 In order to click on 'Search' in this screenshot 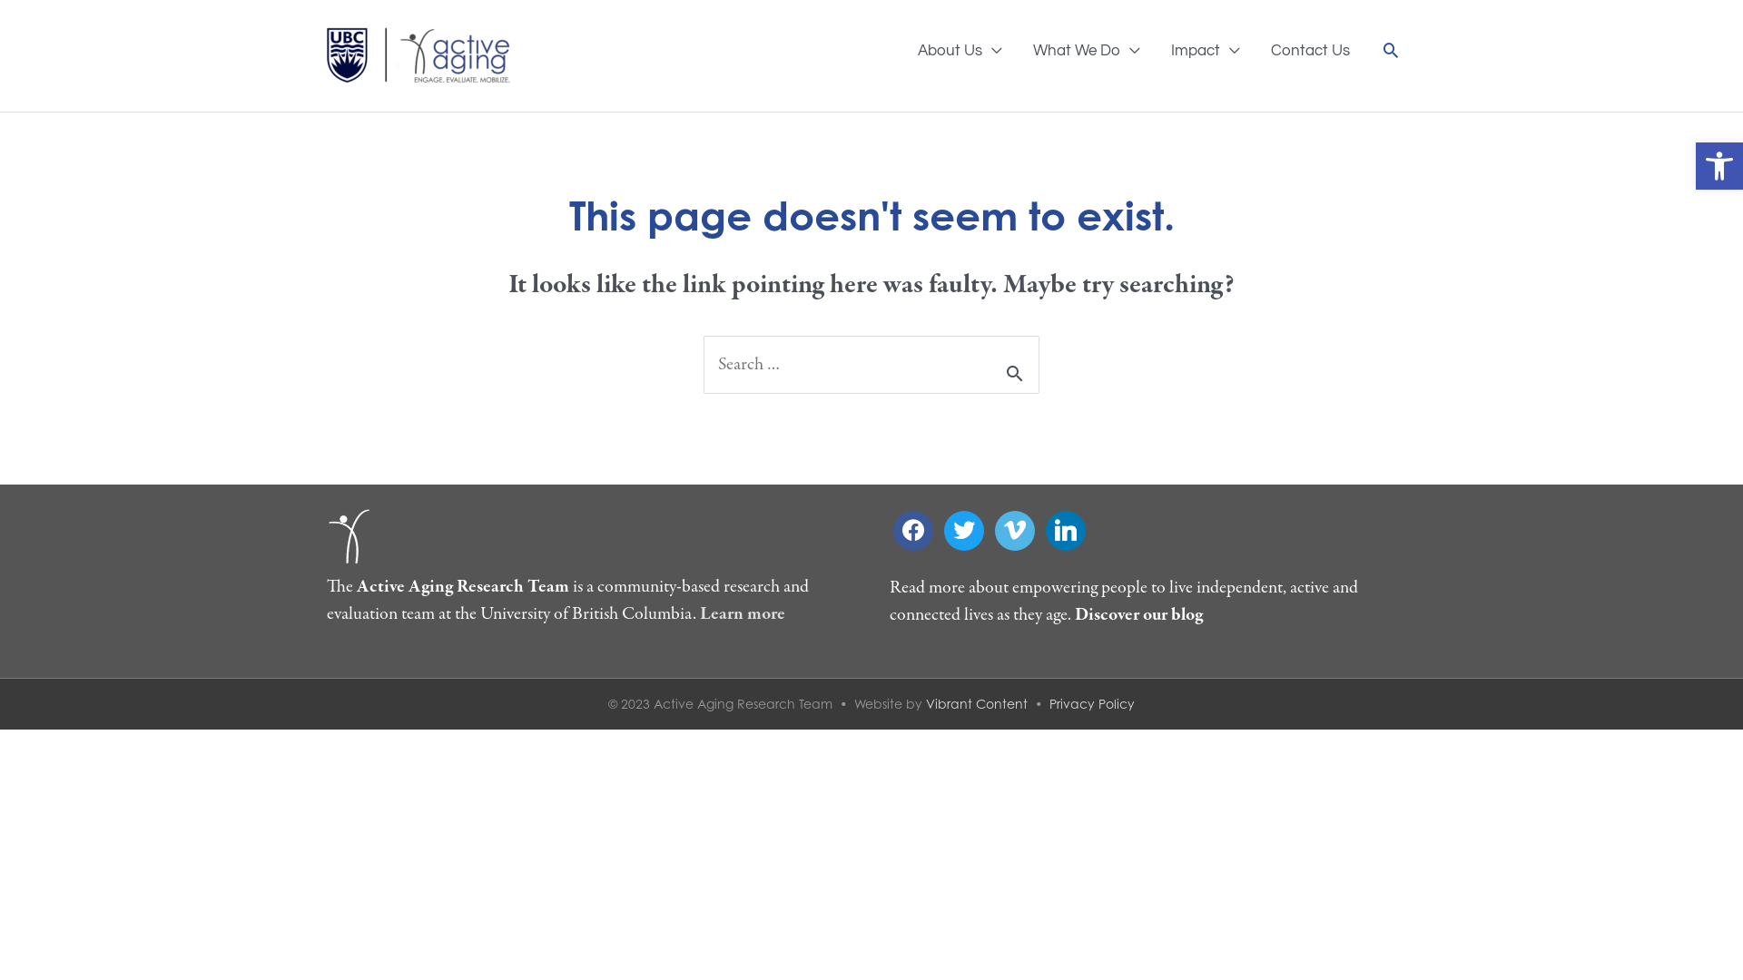, I will do `click(1389, 48)`.